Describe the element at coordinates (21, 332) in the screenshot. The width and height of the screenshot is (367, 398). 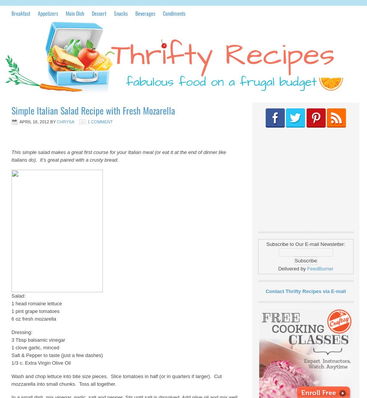
I see `'Dressing:'` at that location.